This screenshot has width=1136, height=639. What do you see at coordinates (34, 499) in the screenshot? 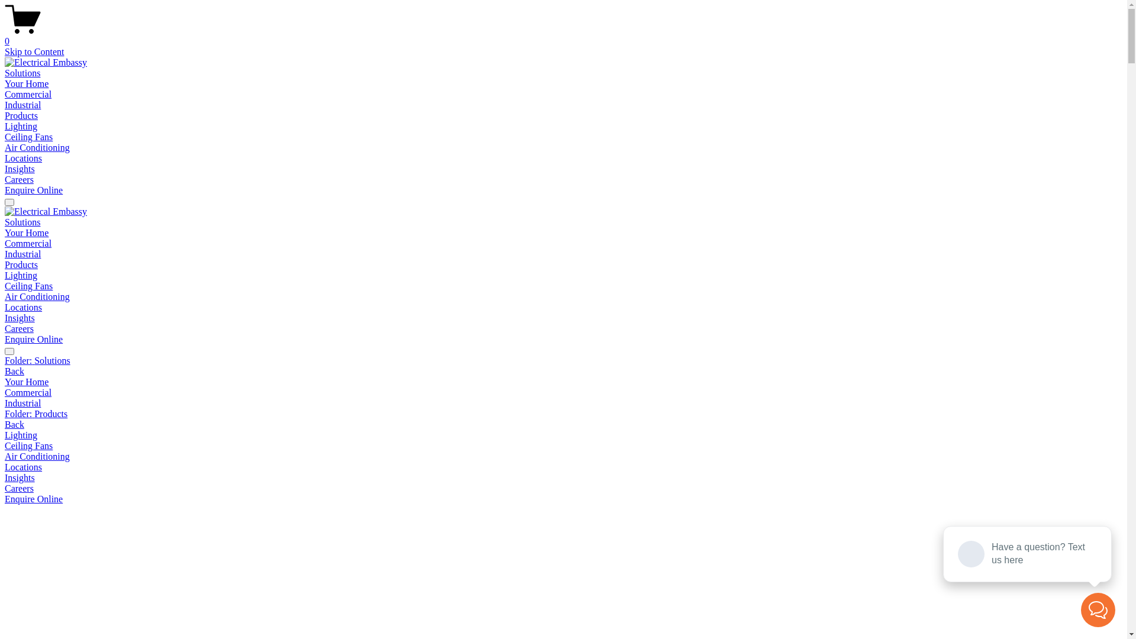
I see `'Enquire Online'` at bounding box center [34, 499].